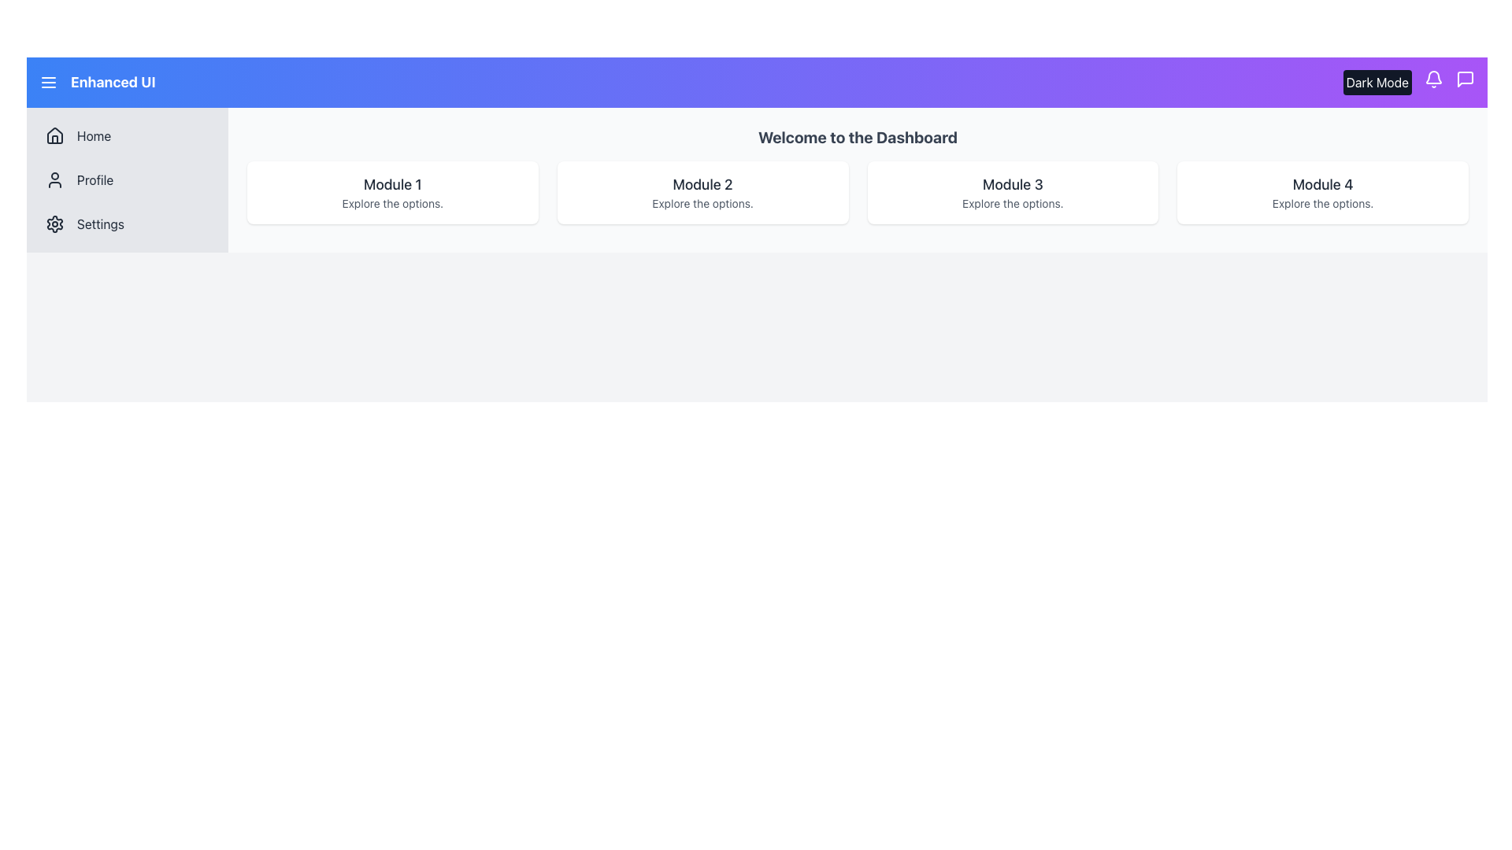  What do you see at coordinates (55, 135) in the screenshot?
I see `the 'Home' icon` at bounding box center [55, 135].